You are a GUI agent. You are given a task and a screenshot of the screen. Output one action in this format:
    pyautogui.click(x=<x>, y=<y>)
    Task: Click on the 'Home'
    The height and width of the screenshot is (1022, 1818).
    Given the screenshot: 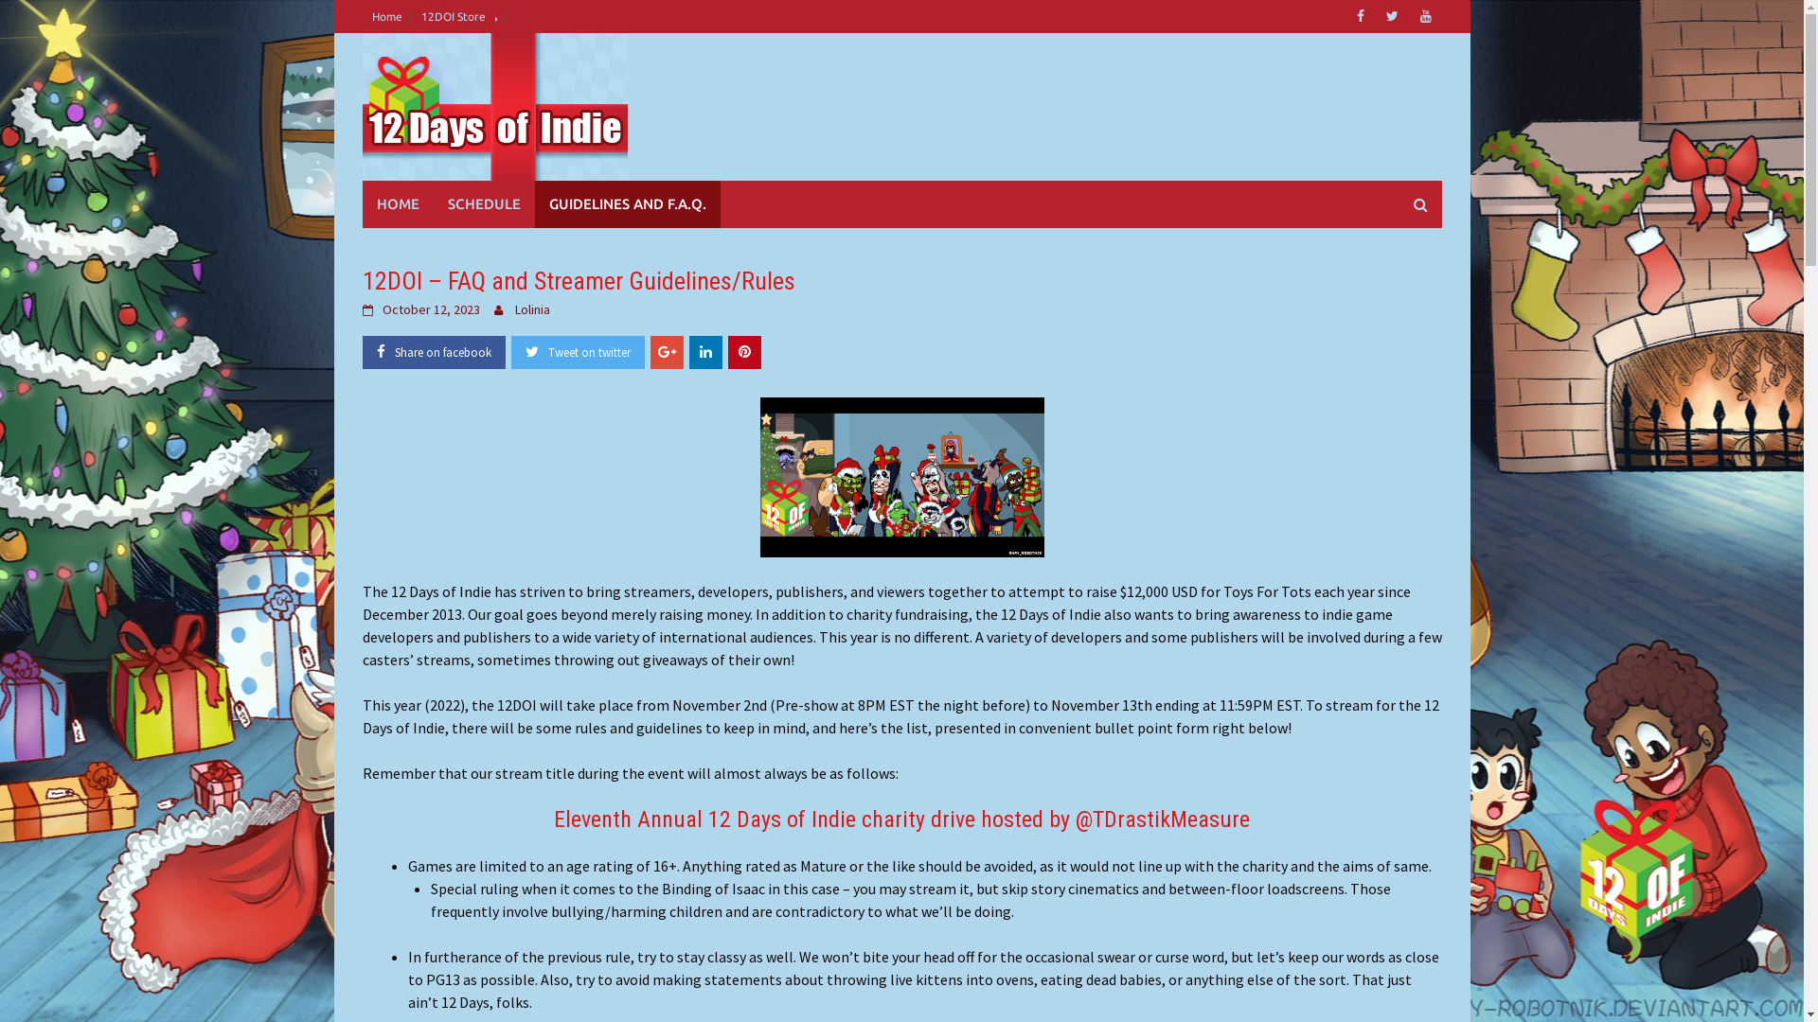 What is the action you would take?
    pyautogui.click(x=362, y=16)
    